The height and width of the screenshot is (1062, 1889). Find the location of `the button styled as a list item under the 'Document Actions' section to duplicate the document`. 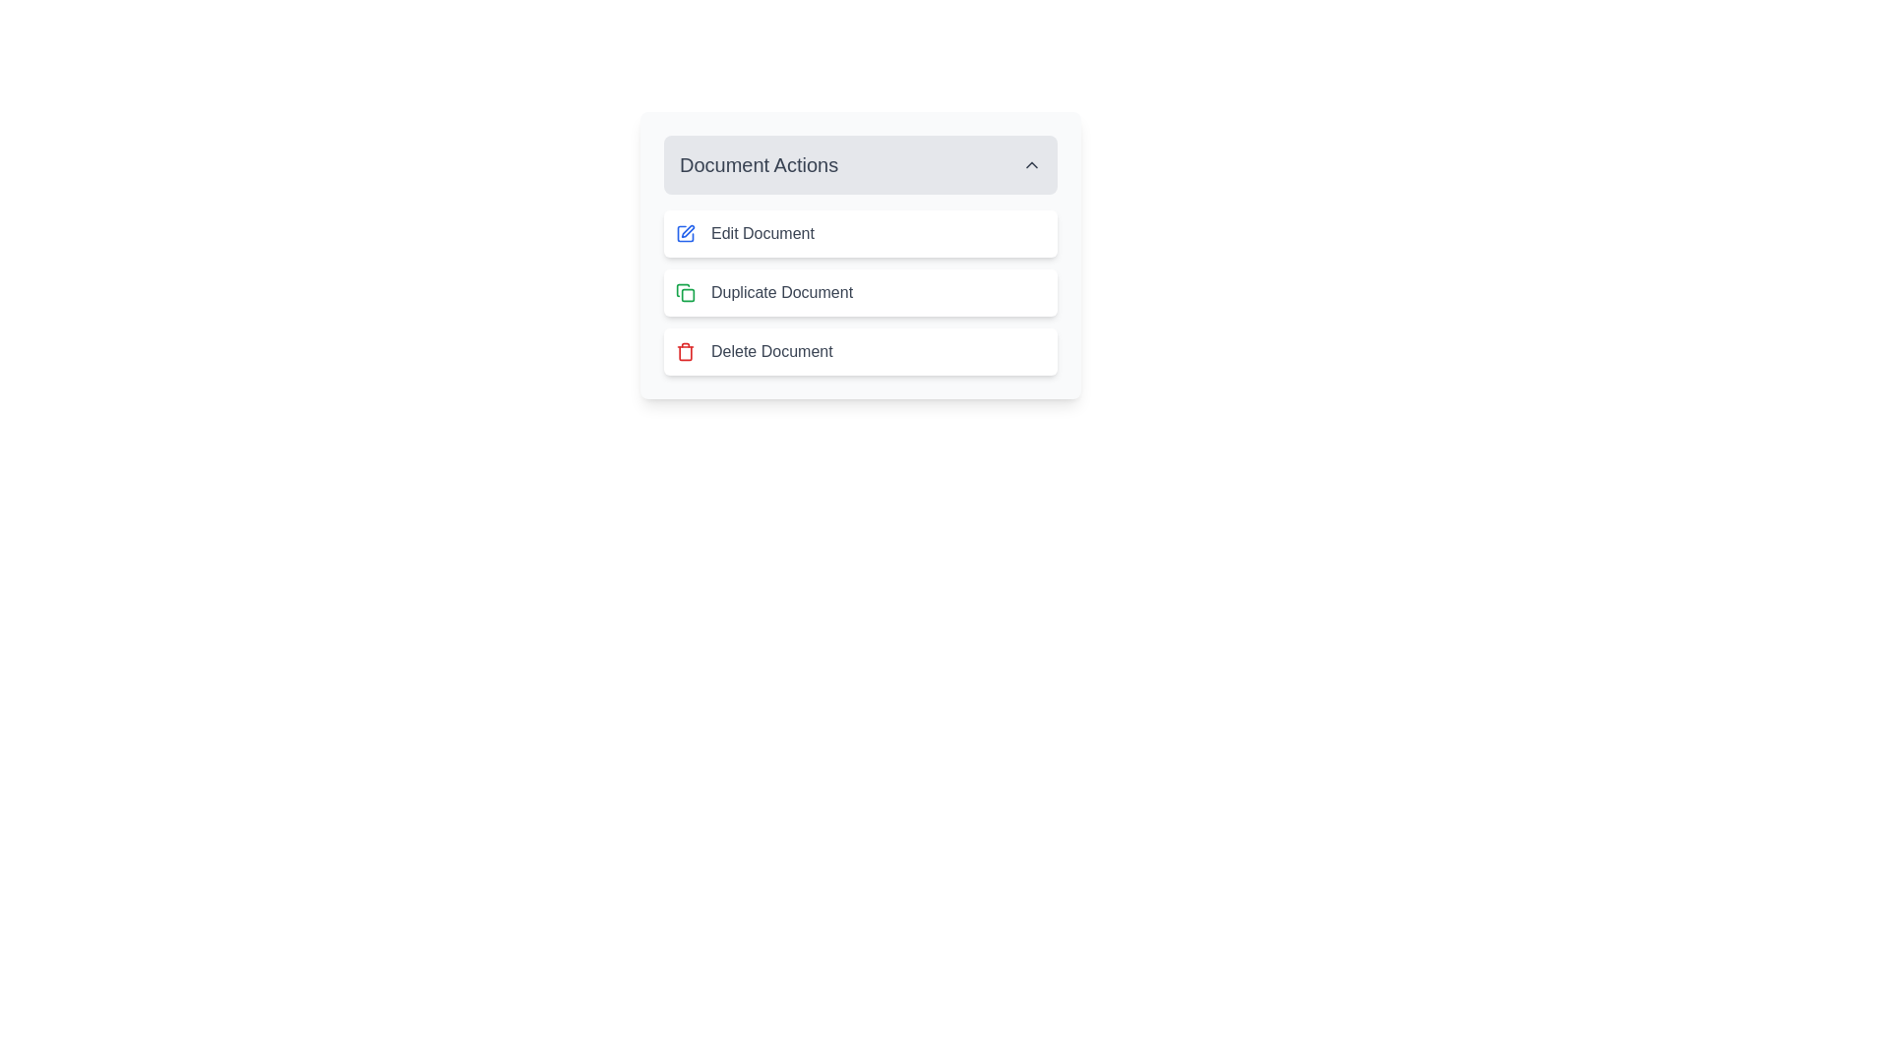

the button styled as a list item under the 'Document Actions' section to duplicate the document is located at coordinates (860, 292).